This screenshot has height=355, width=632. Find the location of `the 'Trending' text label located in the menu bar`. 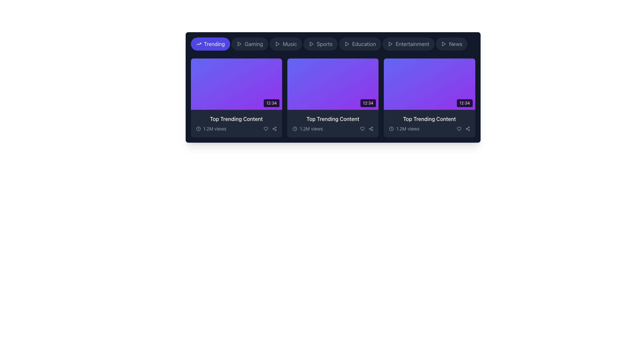

the 'Trending' text label located in the menu bar is located at coordinates (214, 44).